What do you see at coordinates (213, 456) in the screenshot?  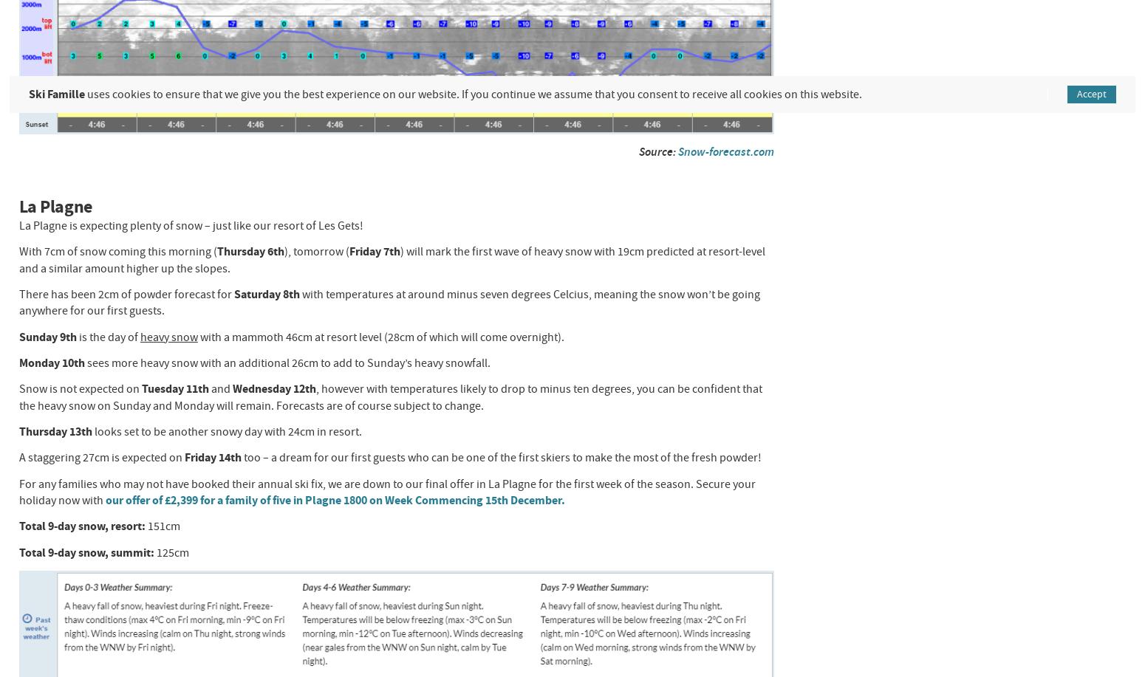 I see `'Friday 14th'` at bounding box center [213, 456].